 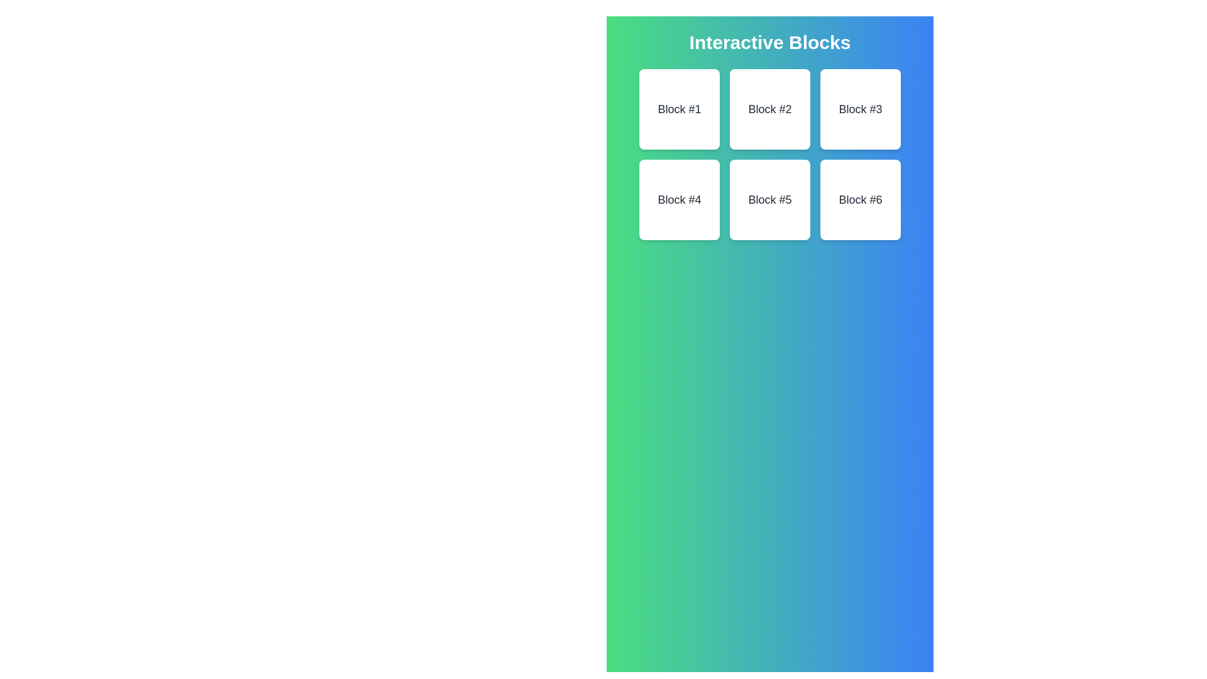 I want to click on text label 'Block #3' which is displayed in a bold font inside the third card of a 3x2 grid layout, so click(x=859, y=108).